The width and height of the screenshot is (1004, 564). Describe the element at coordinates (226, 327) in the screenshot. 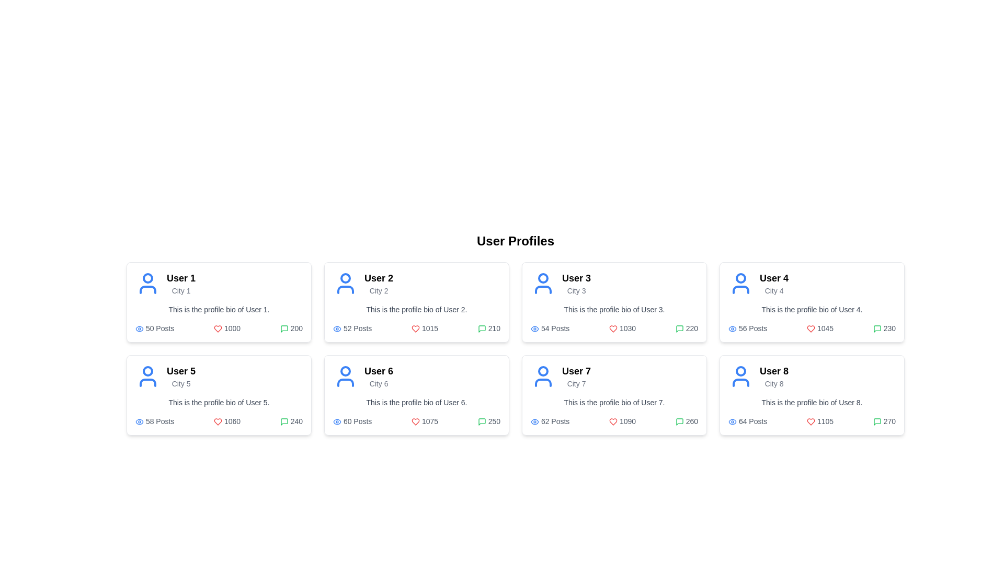

I see `the text label displaying '1000' next to the red heart icon` at that location.